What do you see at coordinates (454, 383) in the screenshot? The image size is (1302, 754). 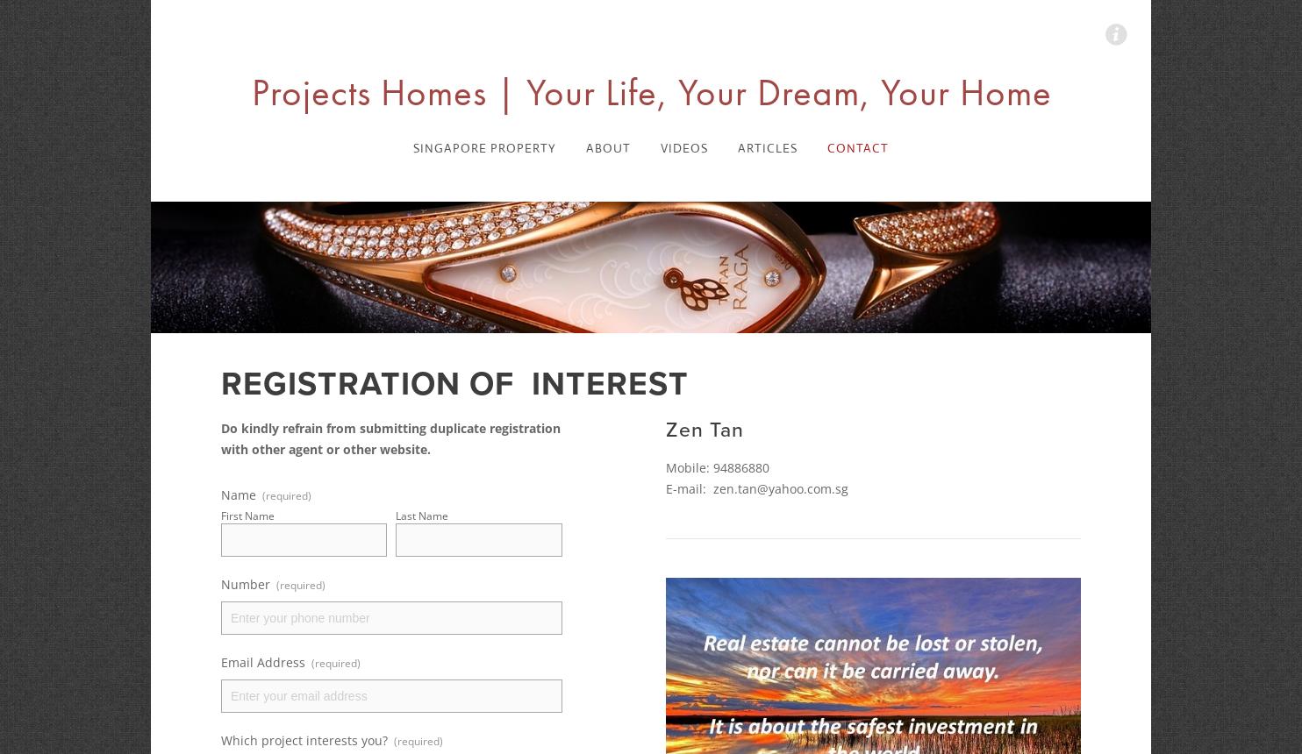 I see `'Registration of  Interest'` at bounding box center [454, 383].